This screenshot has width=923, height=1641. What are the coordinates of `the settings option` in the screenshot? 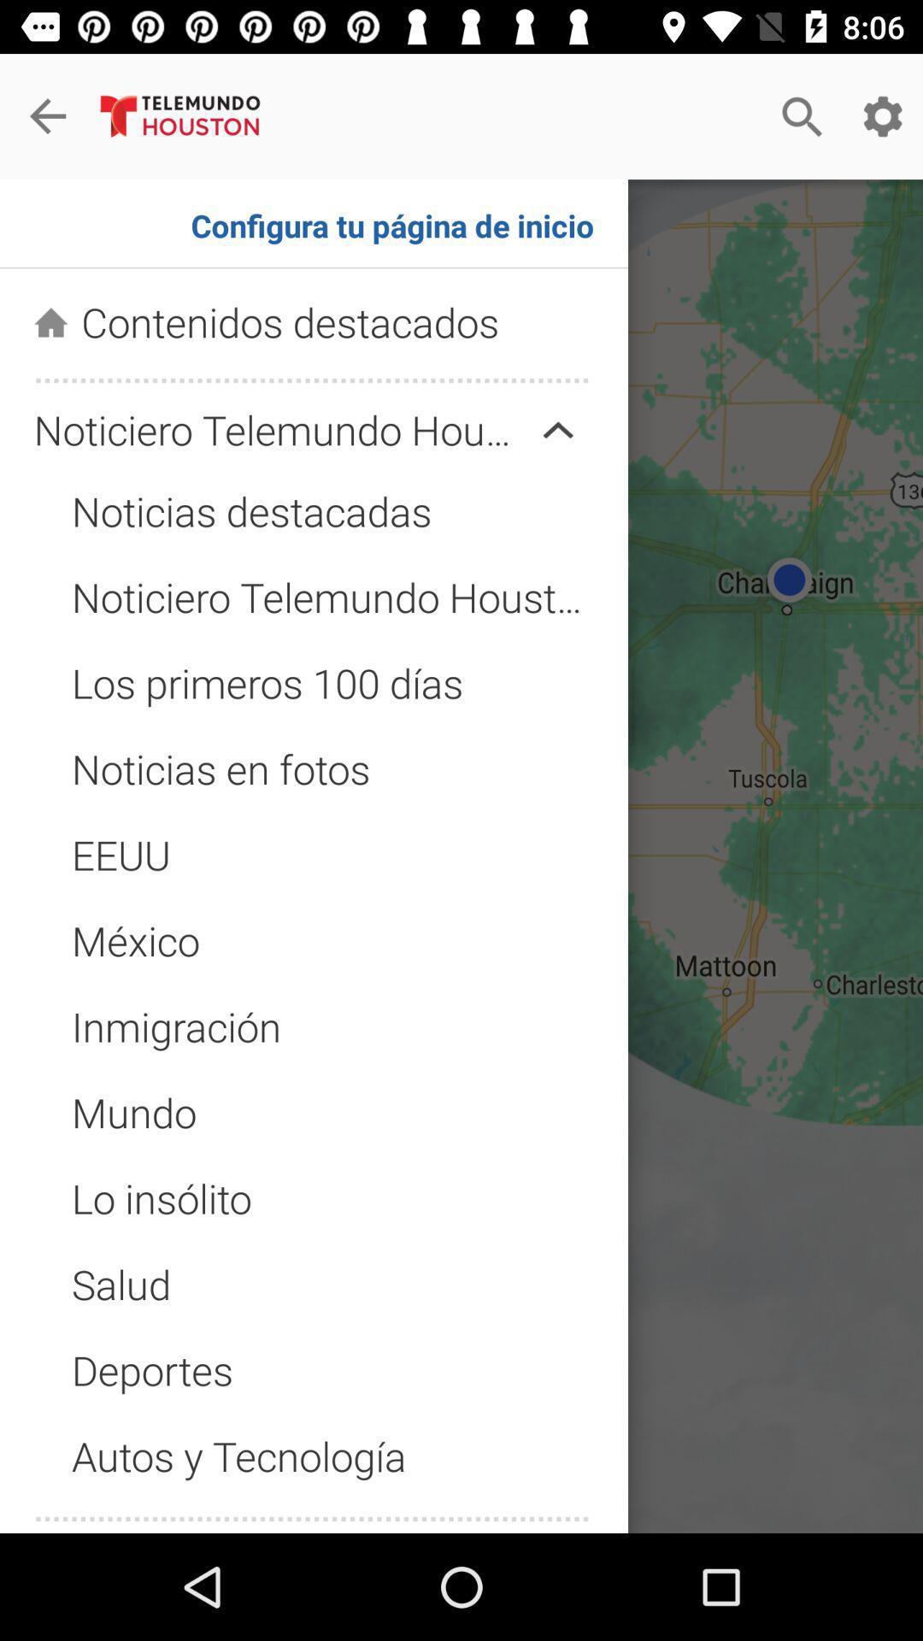 It's located at (883, 116).